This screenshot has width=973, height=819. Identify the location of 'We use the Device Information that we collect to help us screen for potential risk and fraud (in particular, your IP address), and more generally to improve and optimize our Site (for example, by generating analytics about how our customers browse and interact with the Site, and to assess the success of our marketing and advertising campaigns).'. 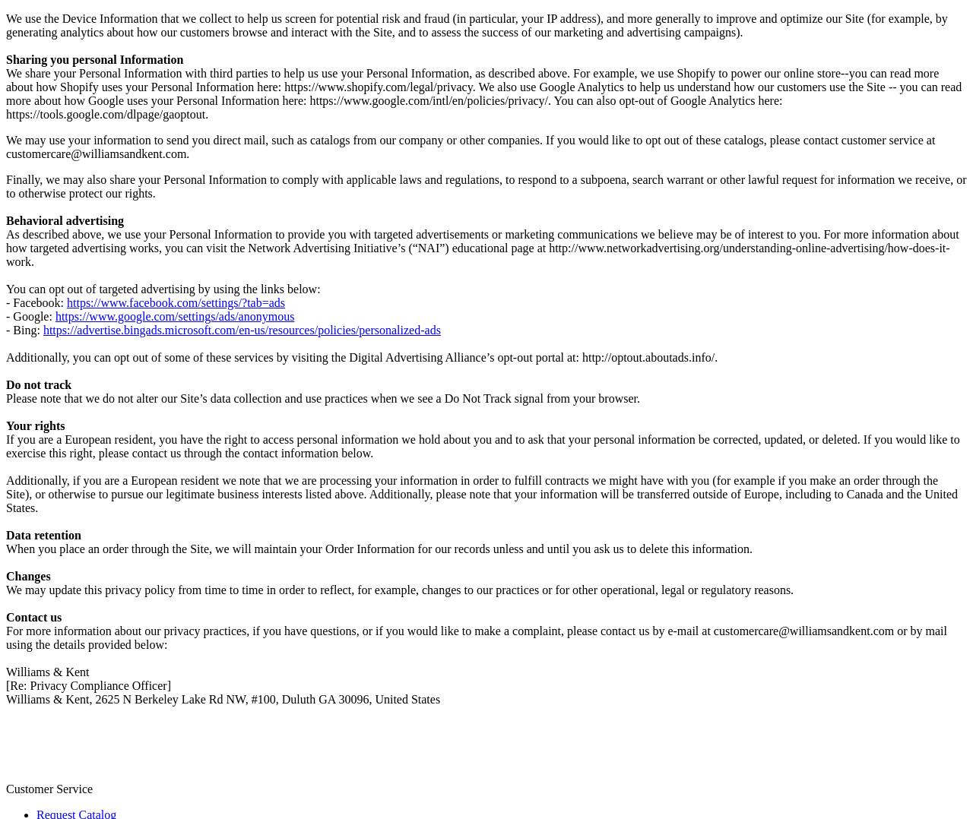
(475, 24).